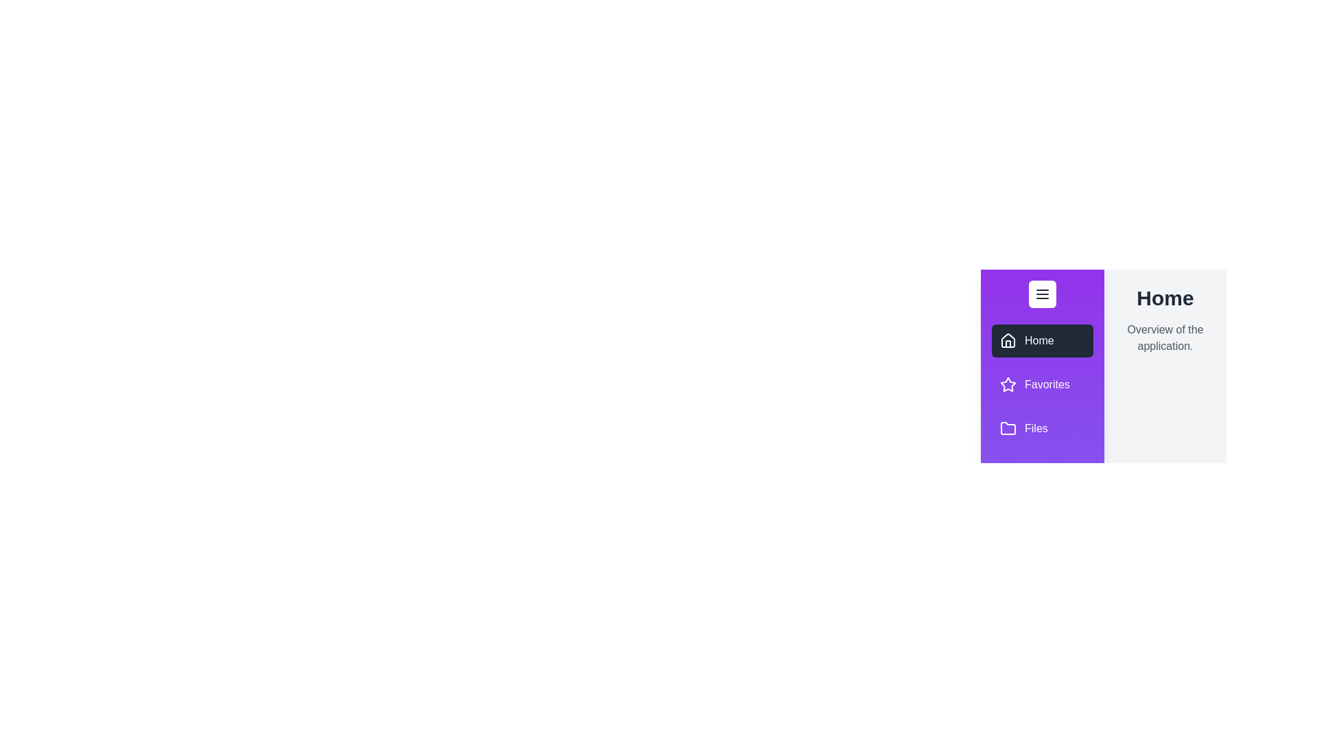  Describe the element at coordinates (1043, 293) in the screenshot. I see `the toggle button to open or close the drawer` at that location.